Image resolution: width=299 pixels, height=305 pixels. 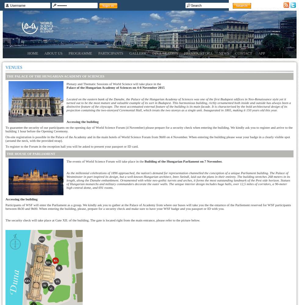 What do you see at coordinates (178, 104) in the screenshot?
I see `'Located on the eastern bank of the Danube, the Palace of the Hungarian Academy of Sciences was one of the first Budapest edifices in
Neo-Renaissance style yet it turned out to be the most mature and valuable
example of its sort in Budapest. This harmonious building, richly ornamented
both inside and outside has always been a distinctive feature of the cityscape.
The most accentuated external feature of the building is its main facade. It is
characterised by the bold architectural design of its projection containing the
two-storeyed Ceremonial Hall, which treats the two storeys as a single unit.  Inaugurated
in 1865, making it 150 years old this year.'` at bounding box center [178, 104].